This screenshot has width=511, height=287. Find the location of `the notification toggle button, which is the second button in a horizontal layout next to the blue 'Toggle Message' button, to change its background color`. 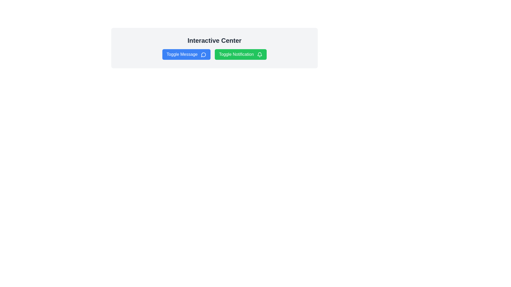

the notification toggle button, which is the second button in a horizontal layout next to the blue 'Toggle Message' button, to change its background color is located at coordinates (240, 54).